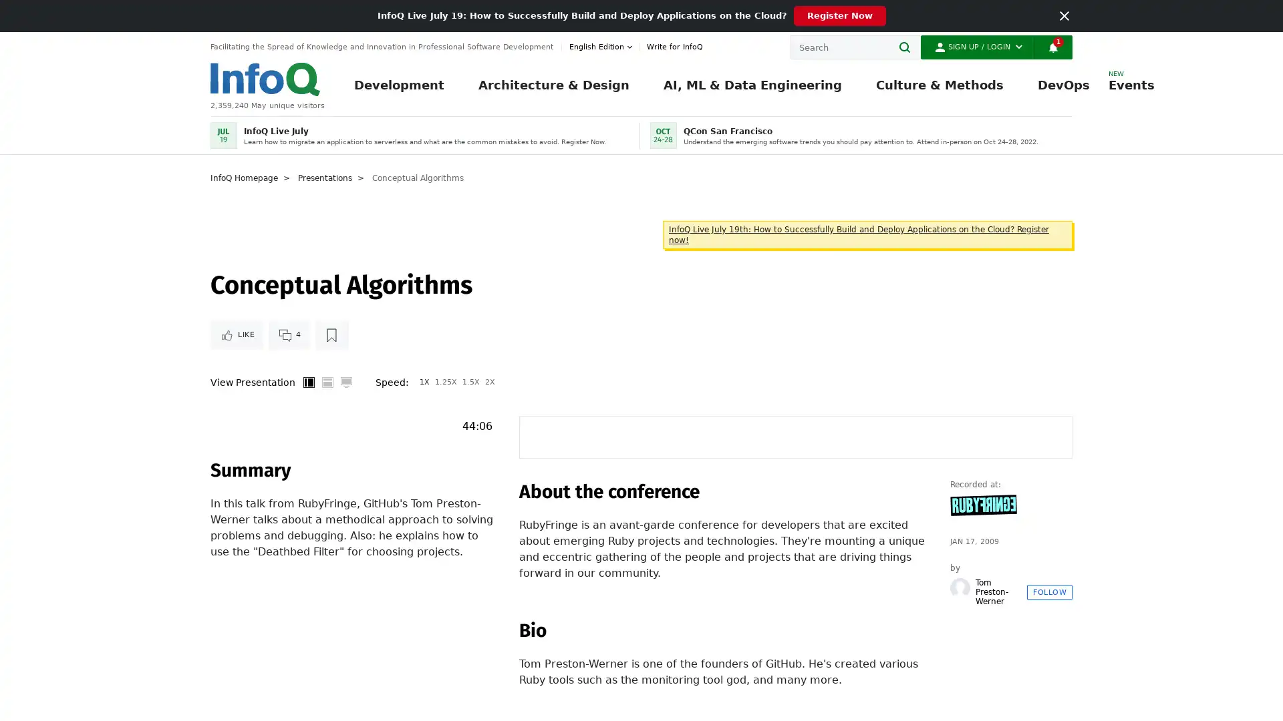 The height and width of the screenshot is (721, 1283). Describe the element at coordinates (1052, 46) in the screenshot. I see `Notifications` at that location.